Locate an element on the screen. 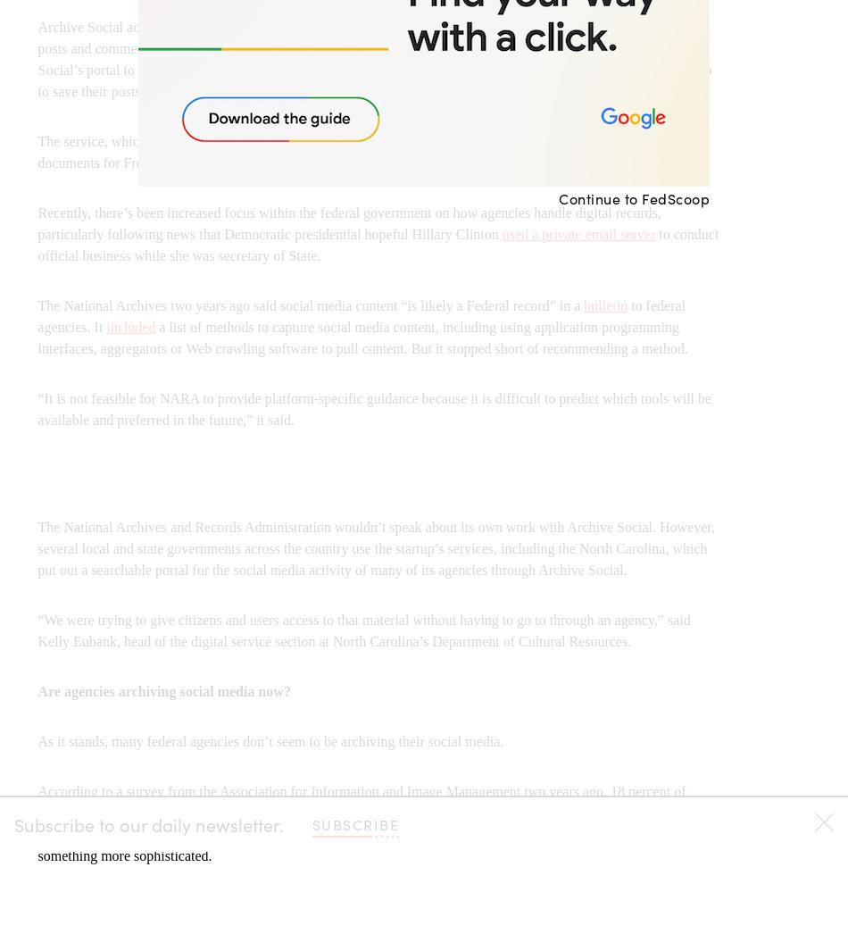  'As it stands, many federal agencies don’t seem to be archiving their social media.' is located at coordinates (269, 741).